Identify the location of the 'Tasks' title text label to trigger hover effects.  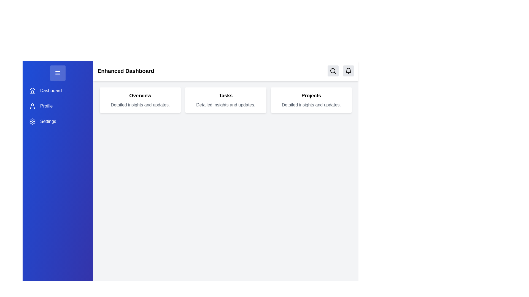
(226, 95).